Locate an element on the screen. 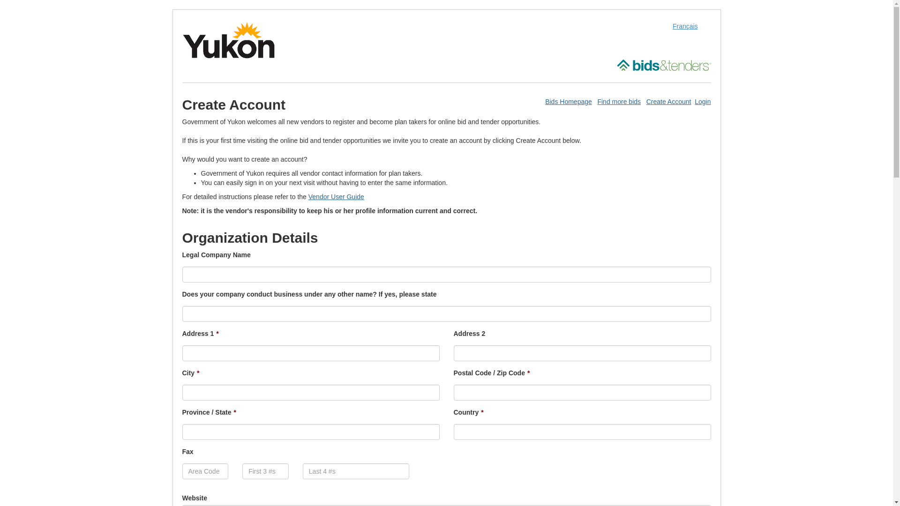 The height and width of the screenshot is (506, 900). 'Open Government of Yukon site in a new window' is located at coordinates (228, 39).